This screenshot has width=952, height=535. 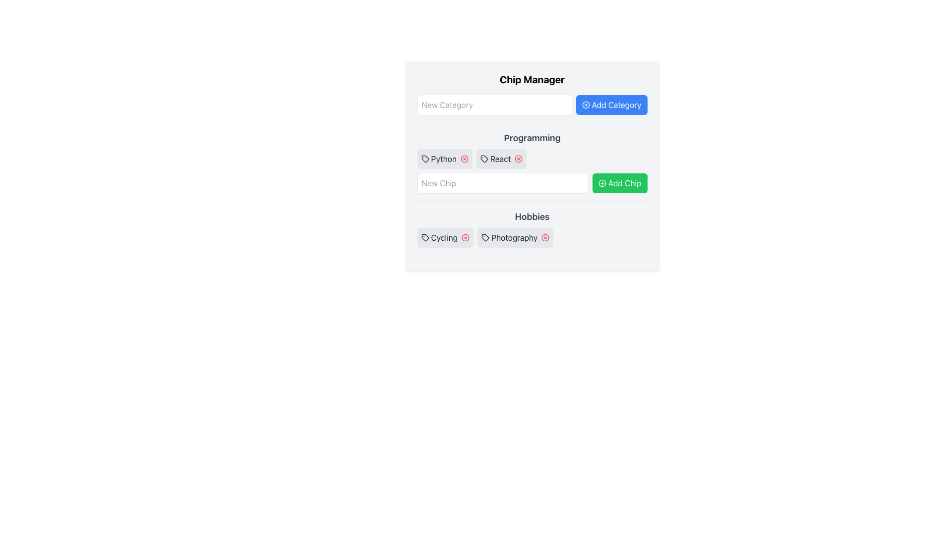 I want to click on the red circular 'x' button adjacent to the 'Python' tag in the 'Programming' section, so click(x=462, y=158).